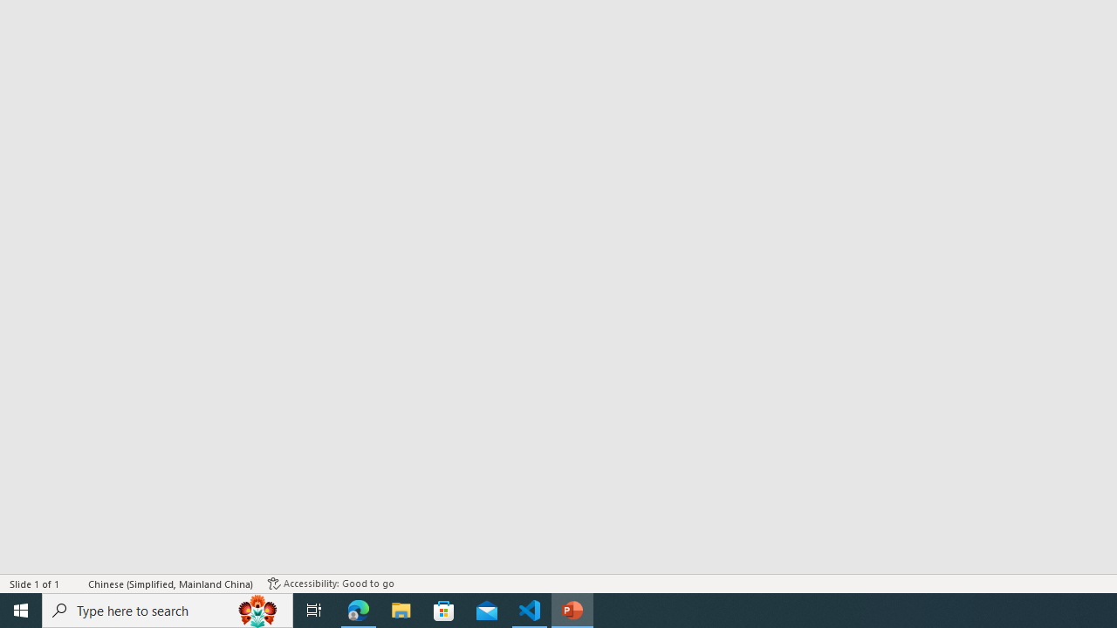 The width and height of the screenshot is (1117, 628). Describe the element at coordinates (529, 609) in the screenshot. I see `'Visual Studio Code - 1 running window'` at that location.